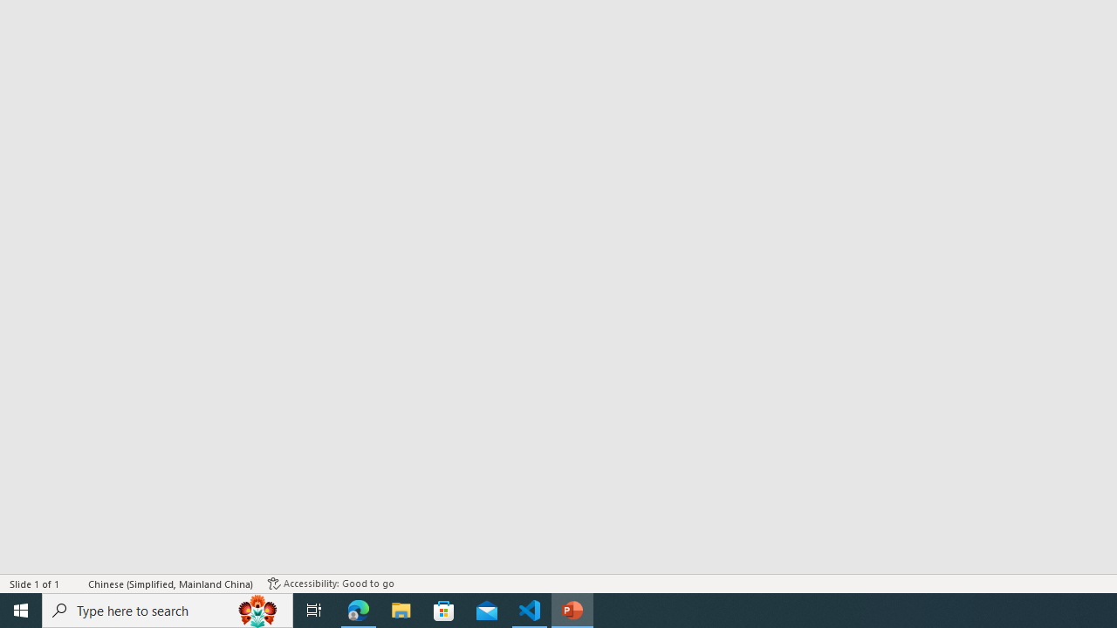 The width and height of the screenshot is (1117, 628). Describe the element at coordinates (529, 609) in the screenshot. I see `'Visual Studio Code - 1 running window'` at that location.